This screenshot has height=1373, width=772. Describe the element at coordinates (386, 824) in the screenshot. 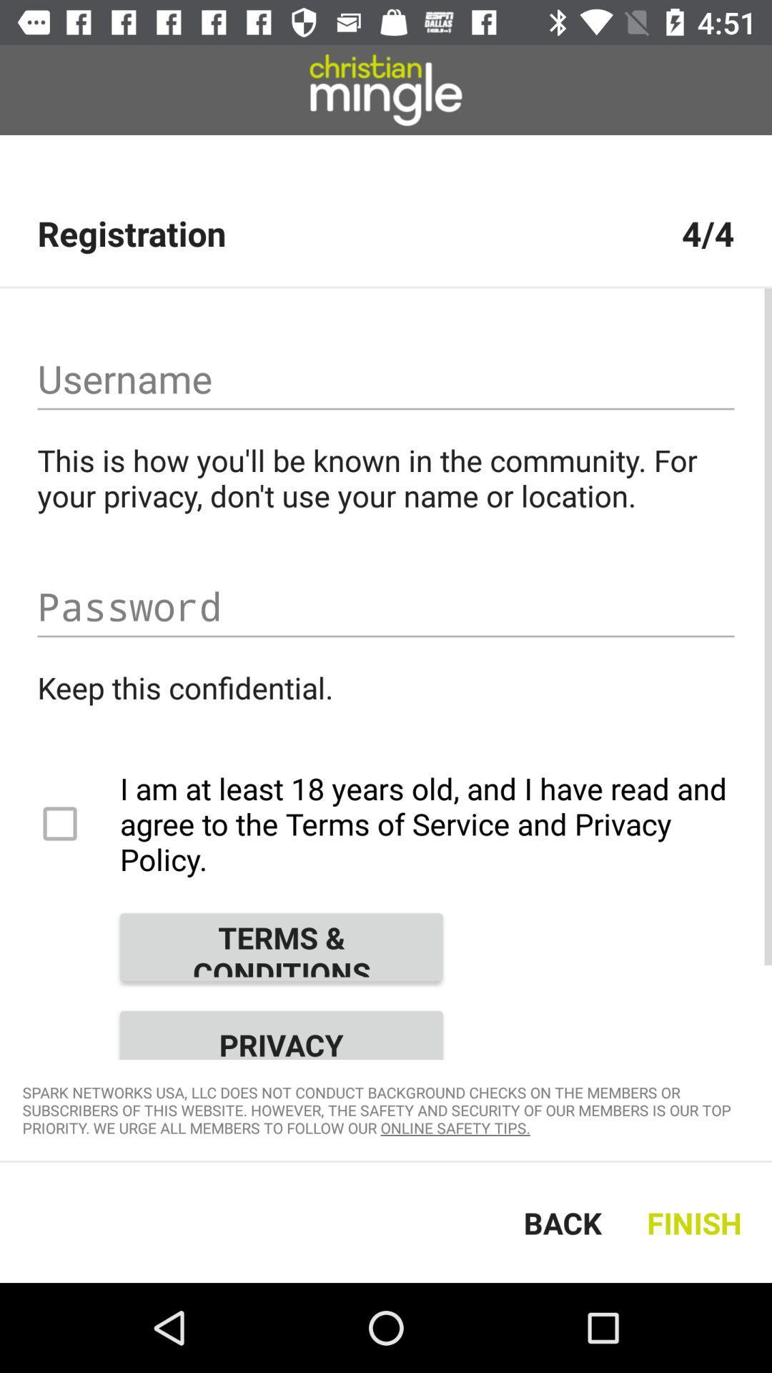

I see `the item below keep this confidential.` at that location.